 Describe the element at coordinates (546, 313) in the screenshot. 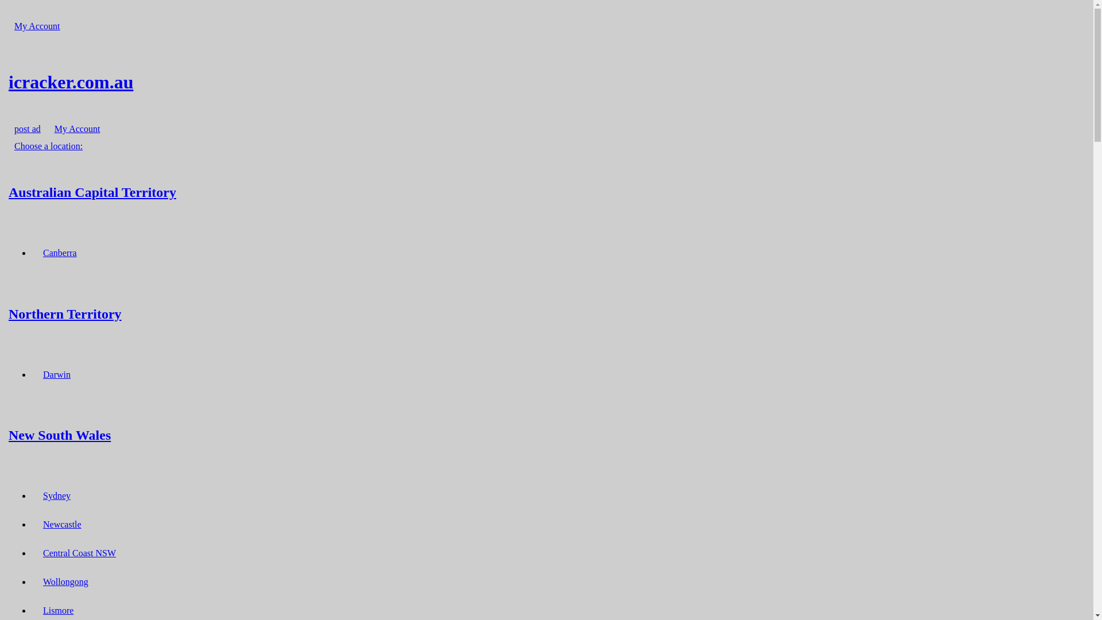

I see `'Northern Territory'` at that location.